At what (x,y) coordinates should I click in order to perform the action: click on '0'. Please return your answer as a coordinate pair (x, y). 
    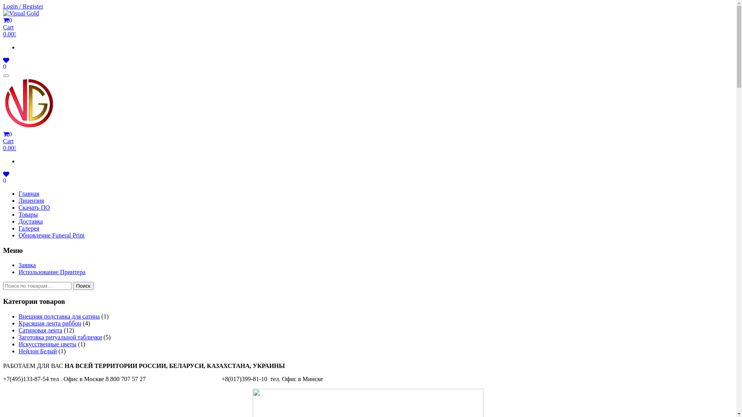
    Looking at the image, I should click on (6, 66).